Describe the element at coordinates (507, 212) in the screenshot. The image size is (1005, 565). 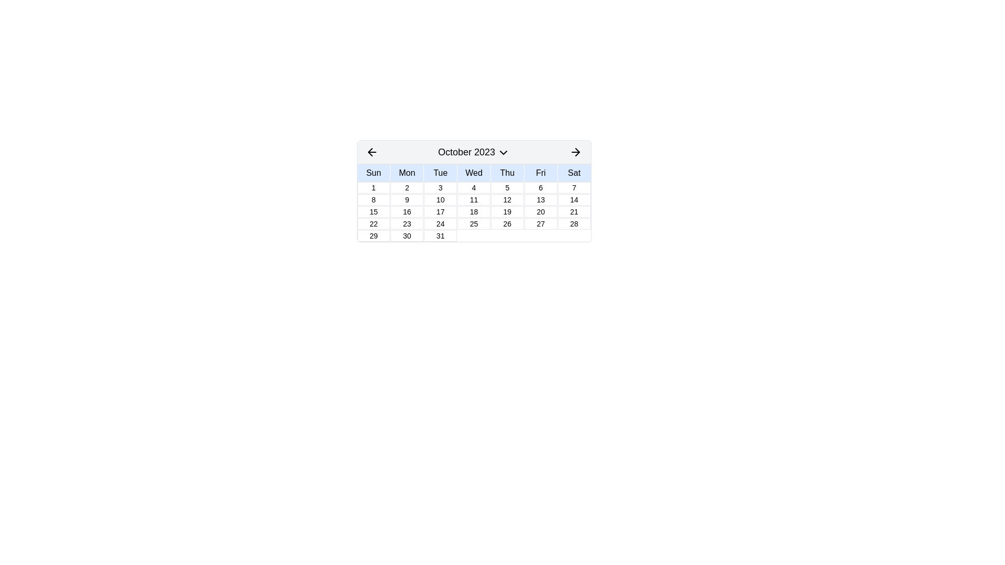
I see `the calendar day cell that displays the number '19', located under the 'Thu' column in the fourth row of the calendar grid` at that location.